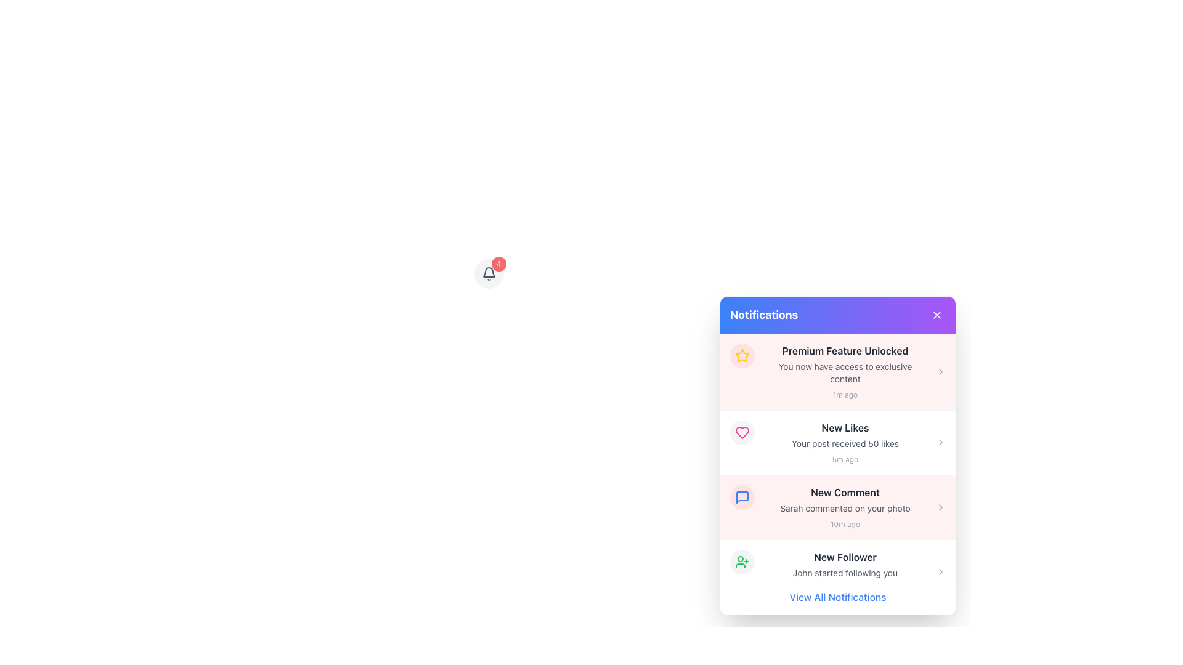 This screenshot has height=665, width=1183. I want to click on the 'New Follower' notification entry that displays 'John started following you', so click(845, 572).